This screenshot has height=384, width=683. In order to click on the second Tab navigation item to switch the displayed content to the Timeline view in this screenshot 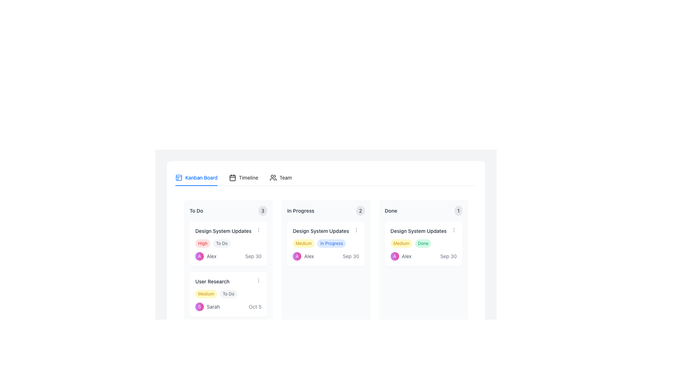, I will do `click(243, 177)`.